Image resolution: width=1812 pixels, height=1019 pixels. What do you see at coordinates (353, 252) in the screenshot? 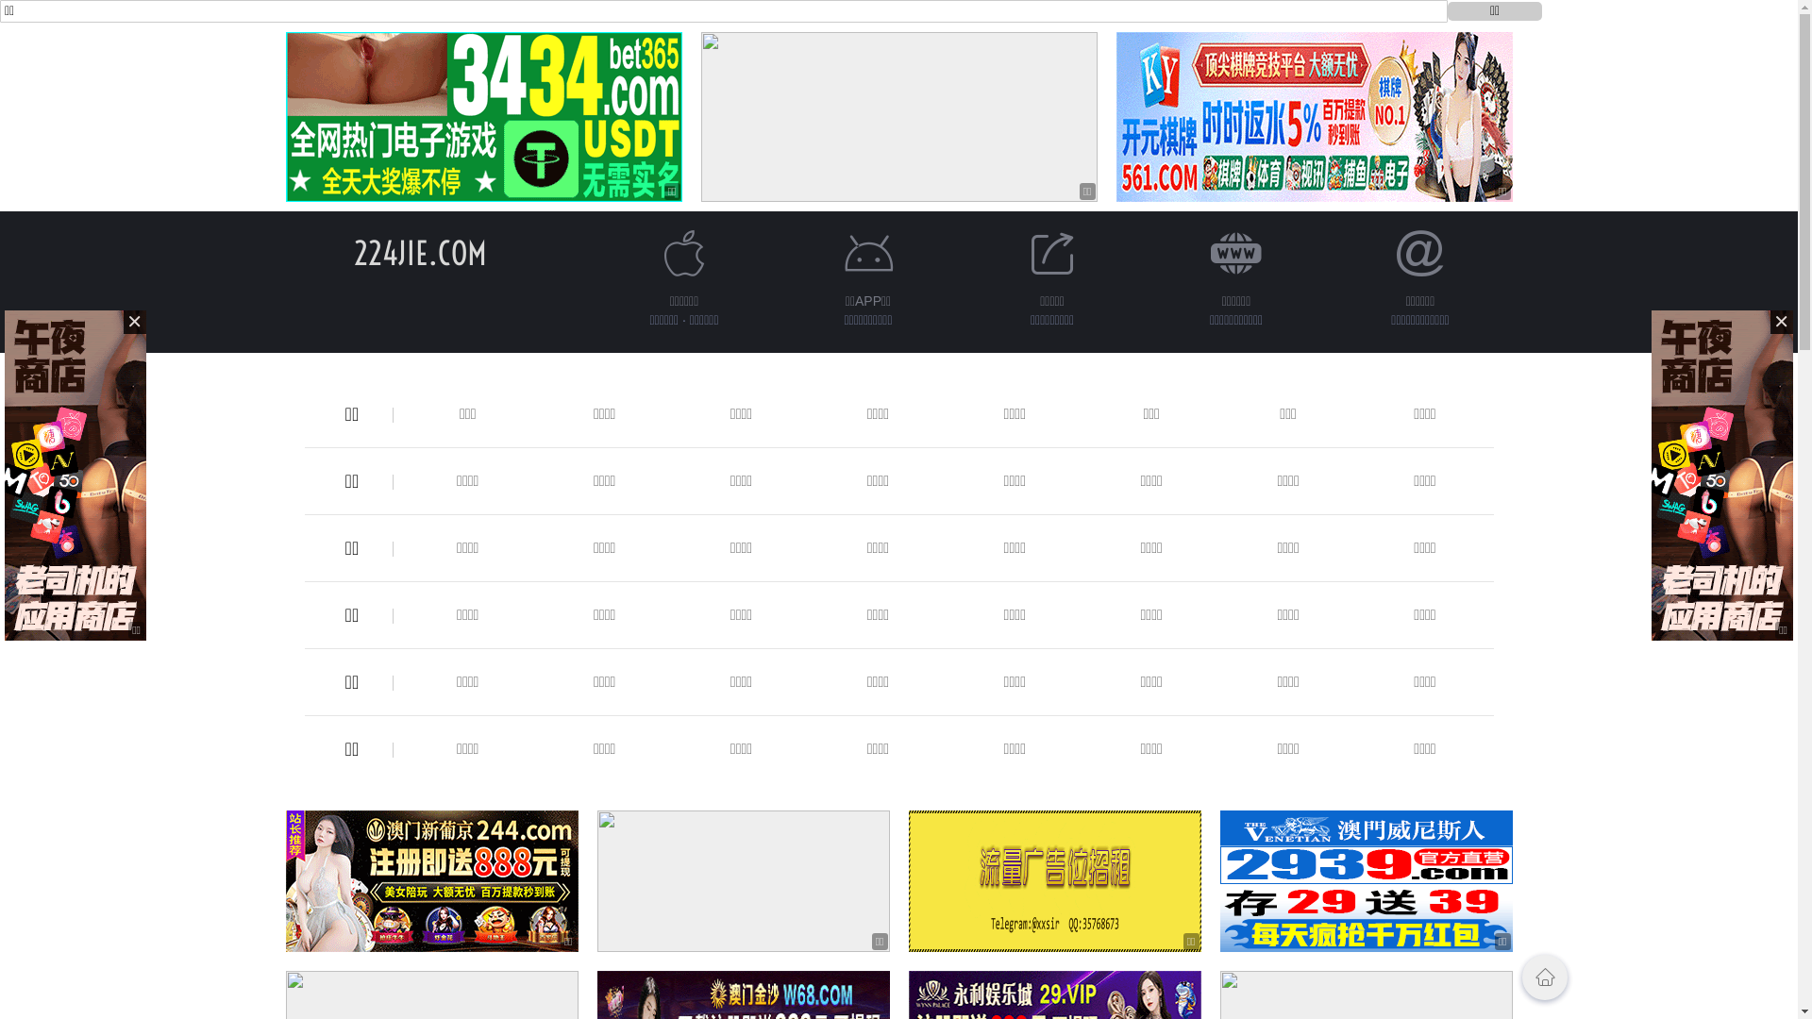
I see `'224JIE.COM'` at bounding box center [353, 252].